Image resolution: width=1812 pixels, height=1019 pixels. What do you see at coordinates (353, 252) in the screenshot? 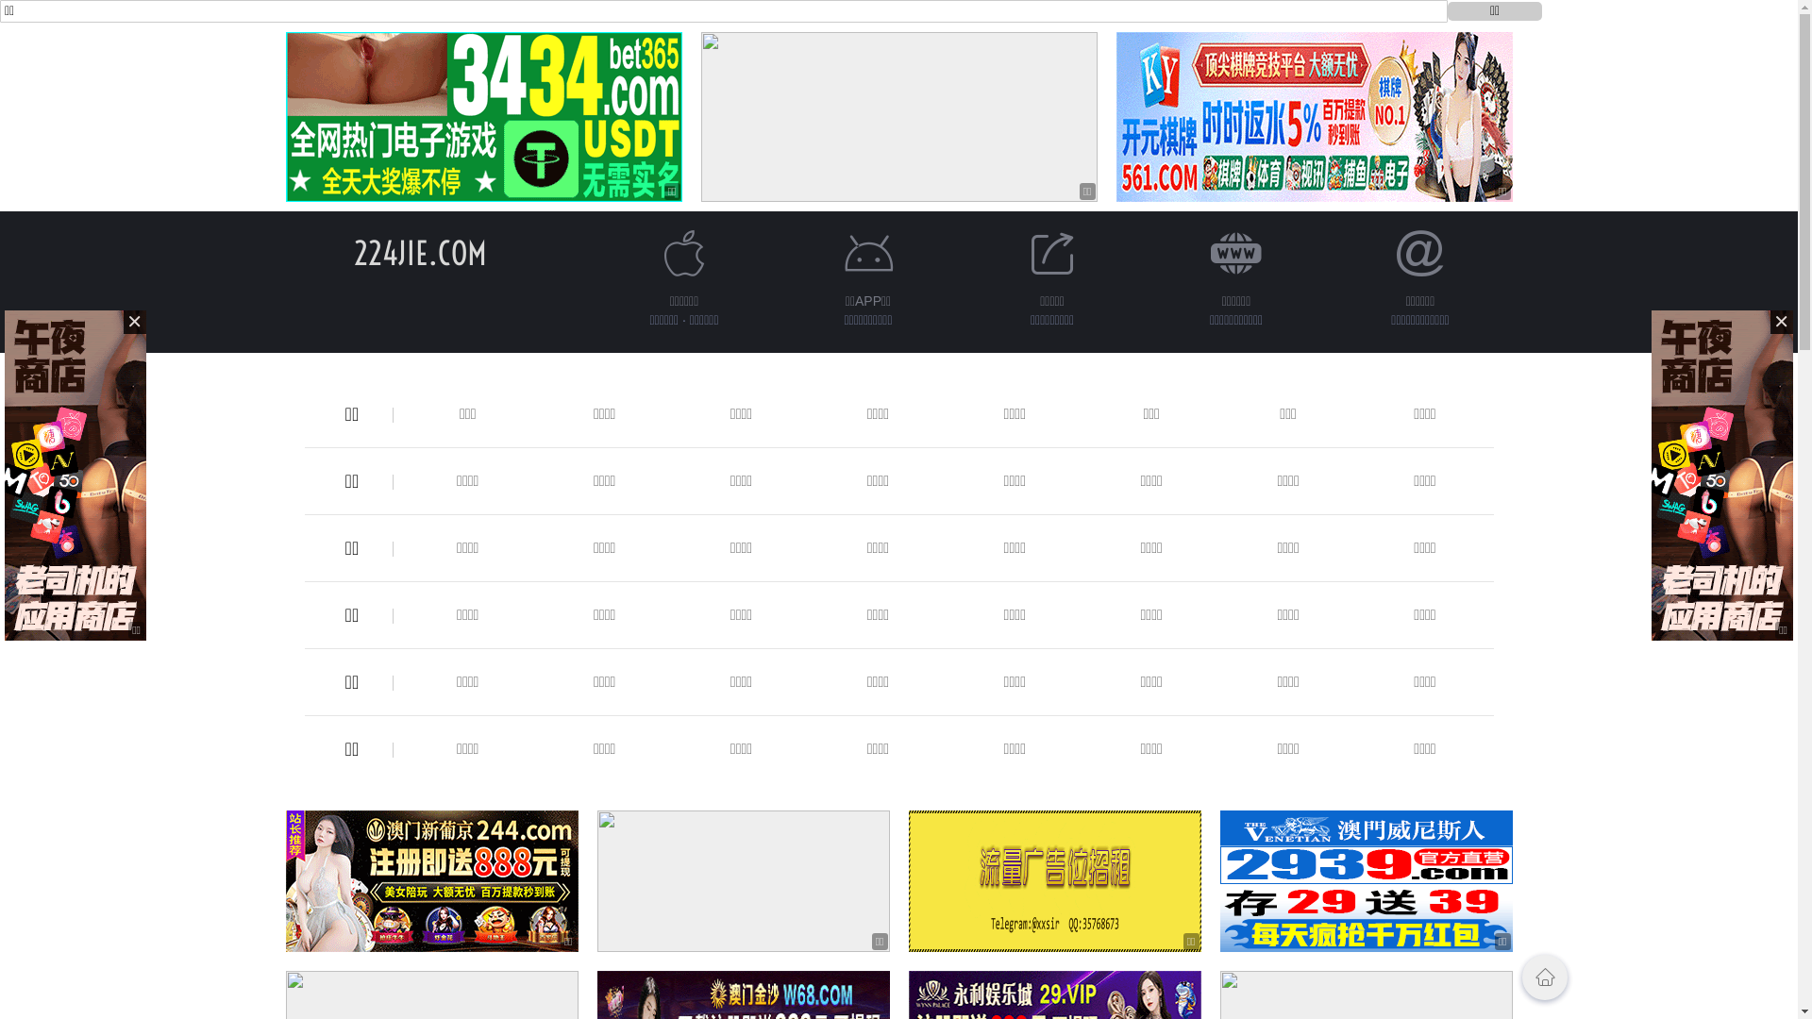
I see `'224JIE.COM'` at bounding box center [353, 252].